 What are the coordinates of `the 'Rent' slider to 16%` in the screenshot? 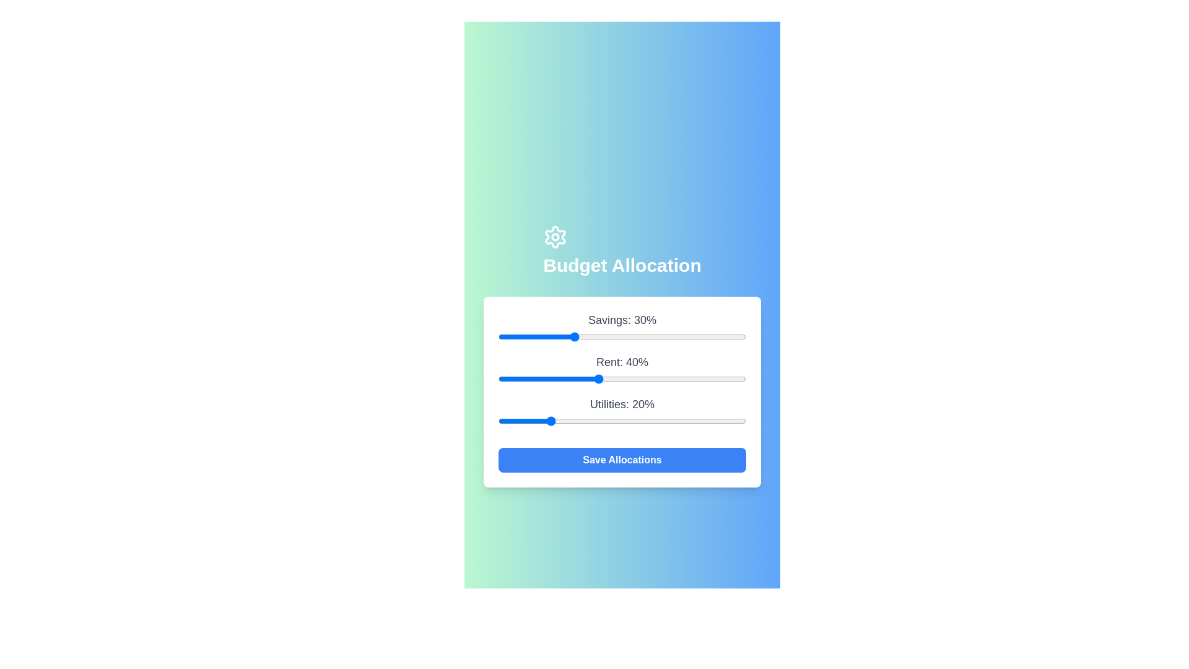 It's located at (538, 378).